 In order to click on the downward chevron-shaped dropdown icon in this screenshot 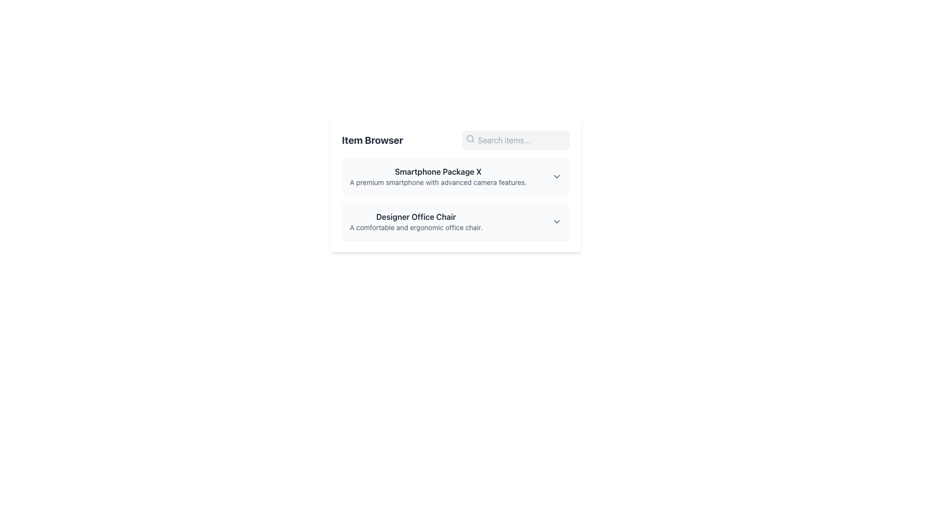, I will do `click(556, 176)`.